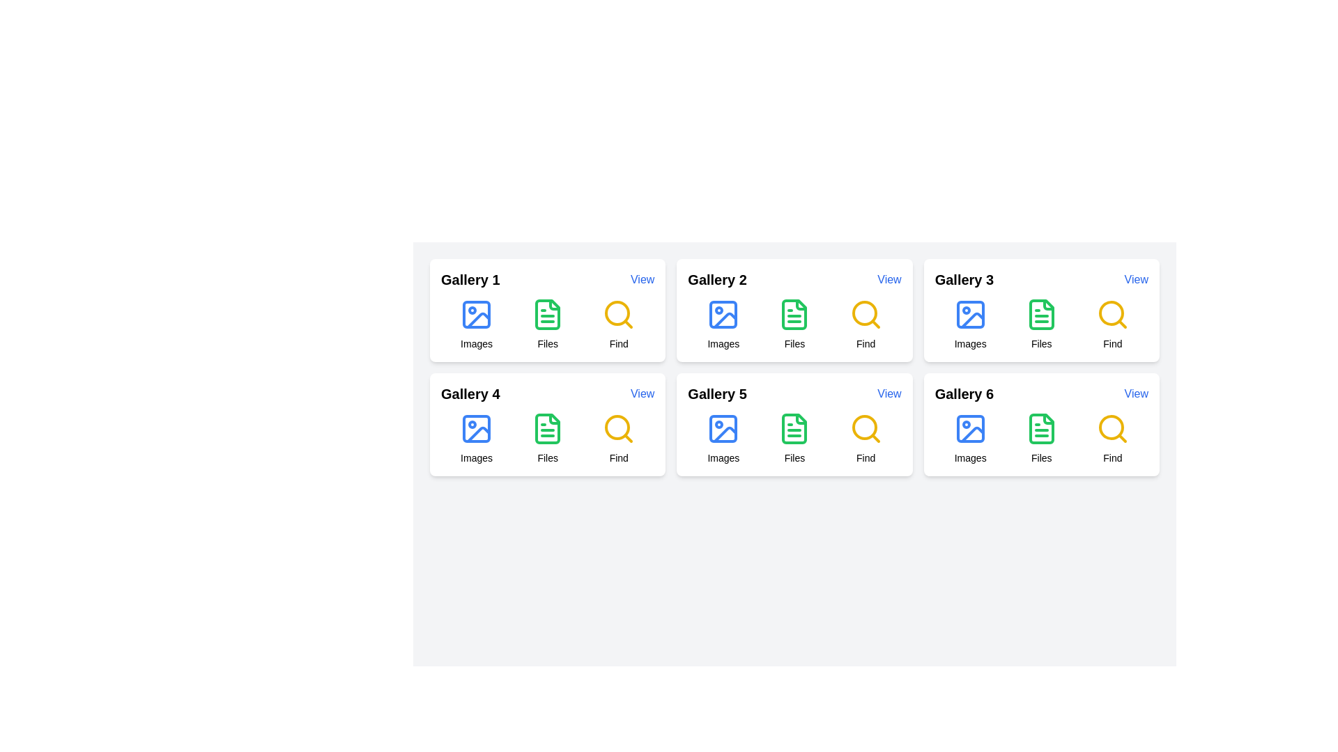  Describe the element at coordinates (477, 324) in the screenshot. I see `the 'Images' icon with a blue outline representing the 'Images' label, located below 'Gallery 1' for keyboard navigation` at that location.